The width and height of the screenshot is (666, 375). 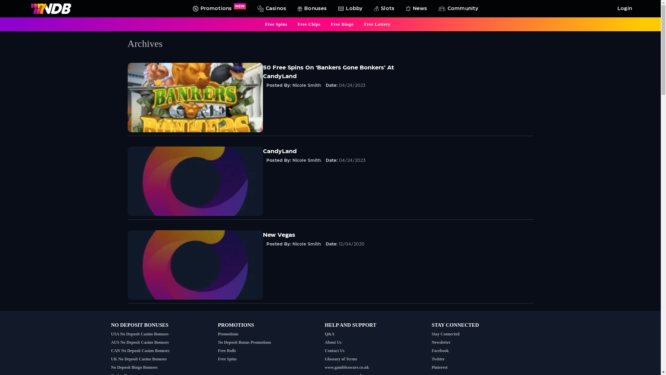 I want to click on 'Lobby', so click(x=349, y=8).